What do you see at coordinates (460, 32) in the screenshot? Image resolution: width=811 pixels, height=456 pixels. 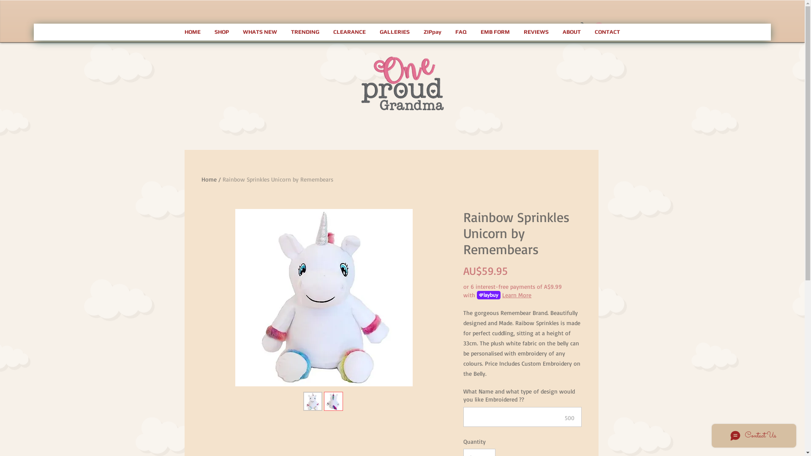 I see `'FAQ'` at bounding box center [460, 32].